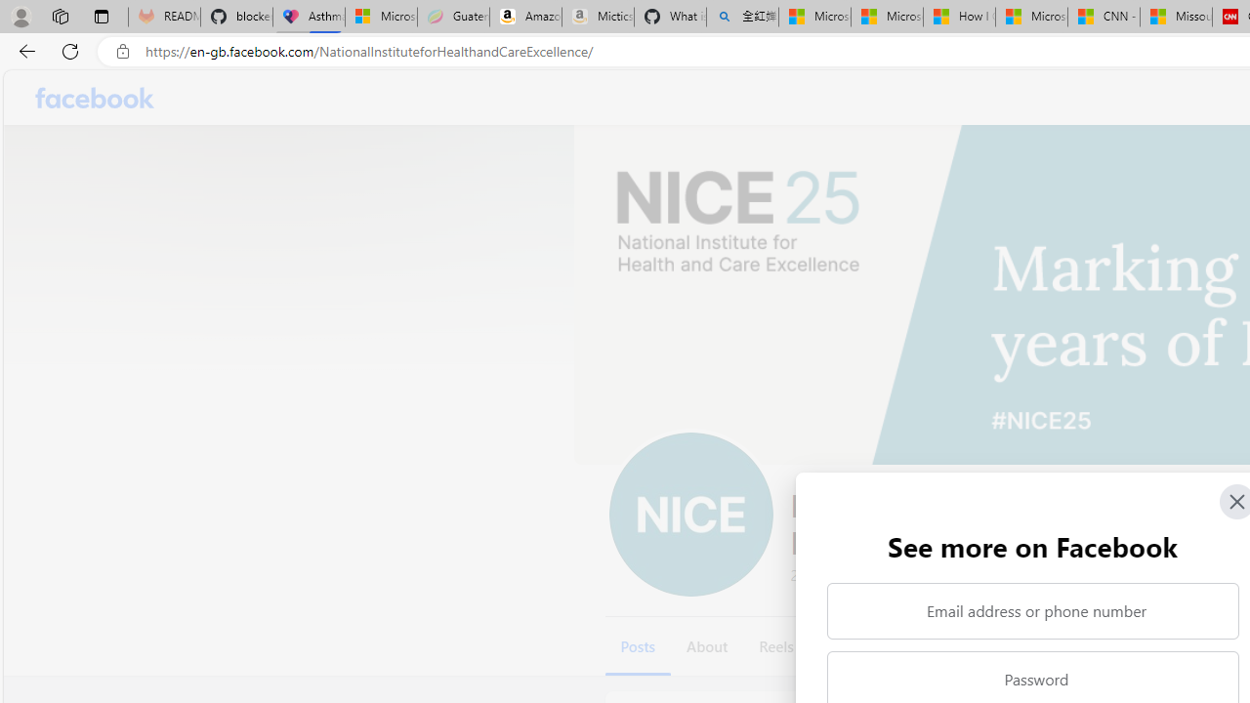 The height and width of the screenshot is (703, 1250). I want to click on 'Asthma Inhalers: Names and Types', so click(308, 17).